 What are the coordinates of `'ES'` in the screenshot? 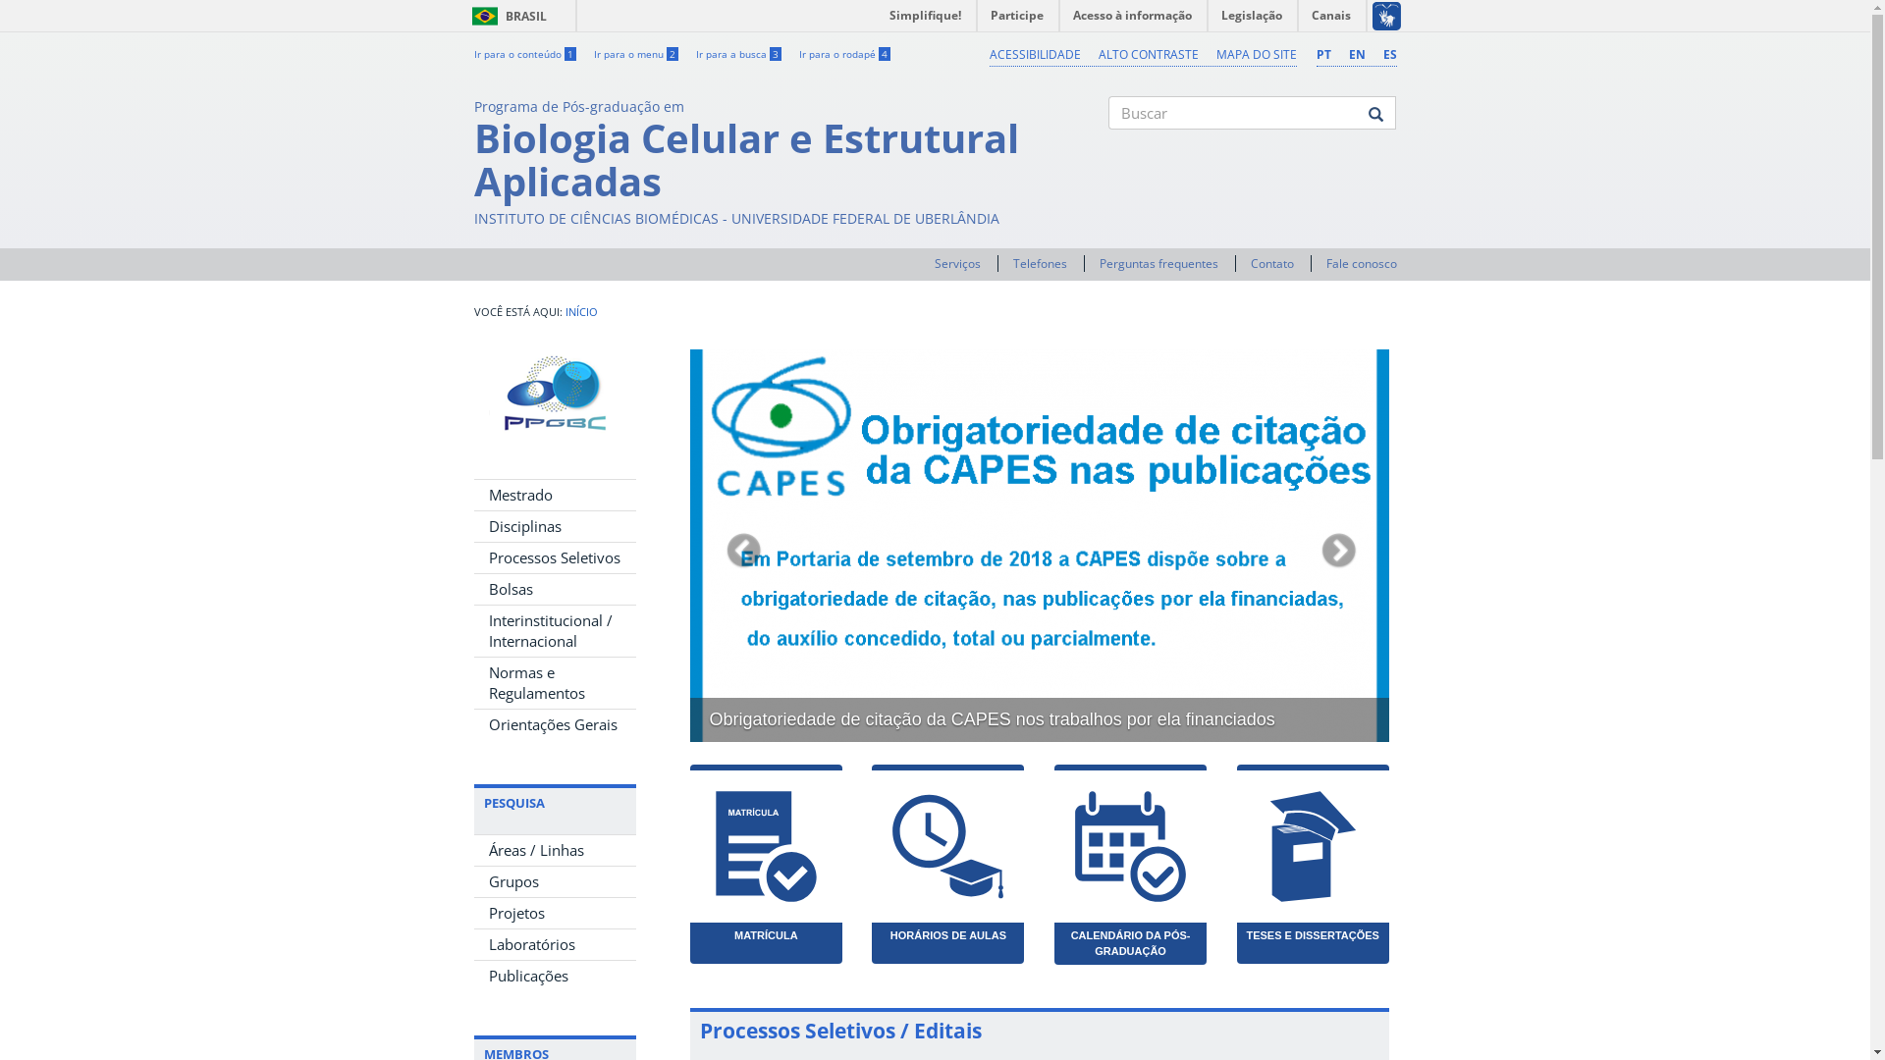 It's located at (1388, 53).